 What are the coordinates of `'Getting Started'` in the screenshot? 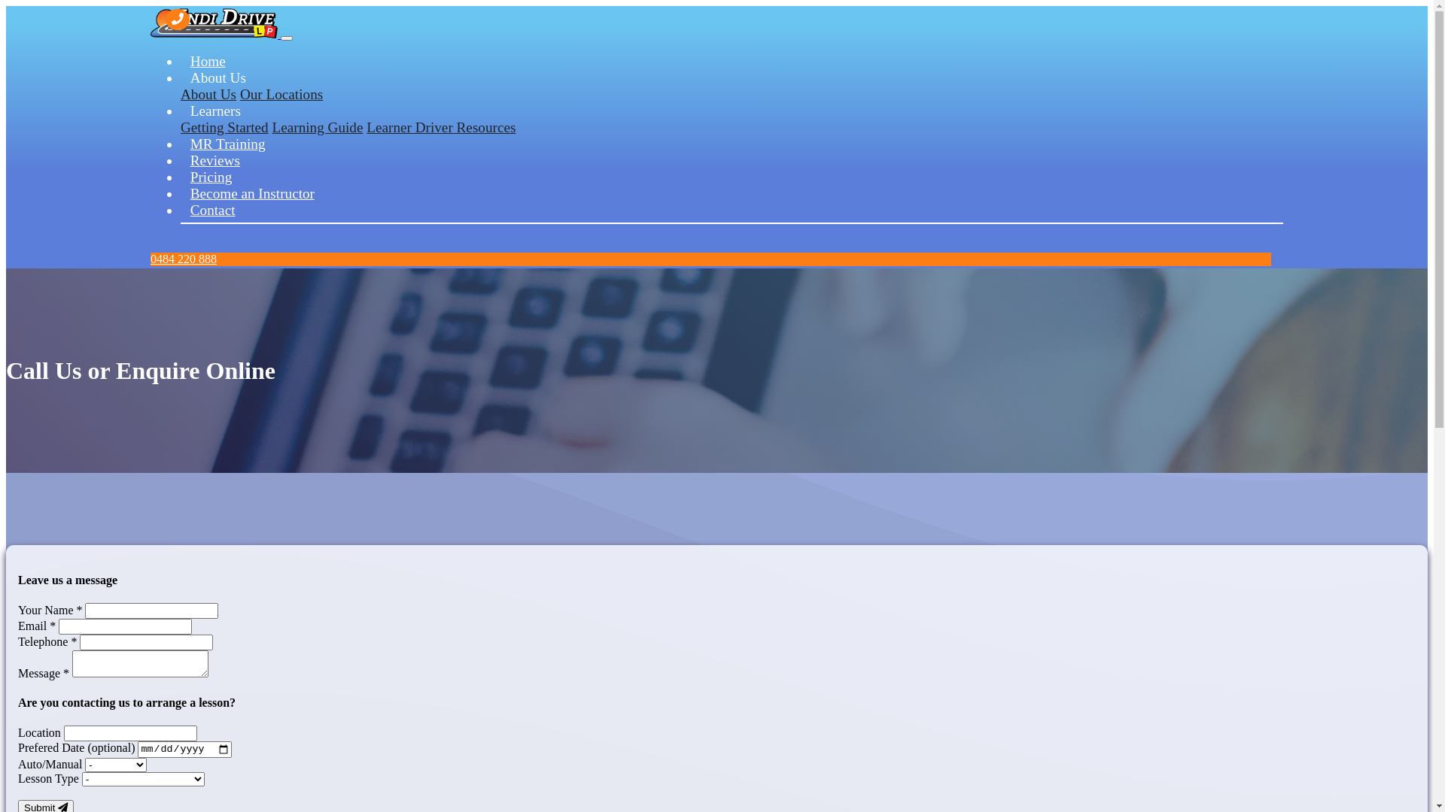 It's located at (224, 126).